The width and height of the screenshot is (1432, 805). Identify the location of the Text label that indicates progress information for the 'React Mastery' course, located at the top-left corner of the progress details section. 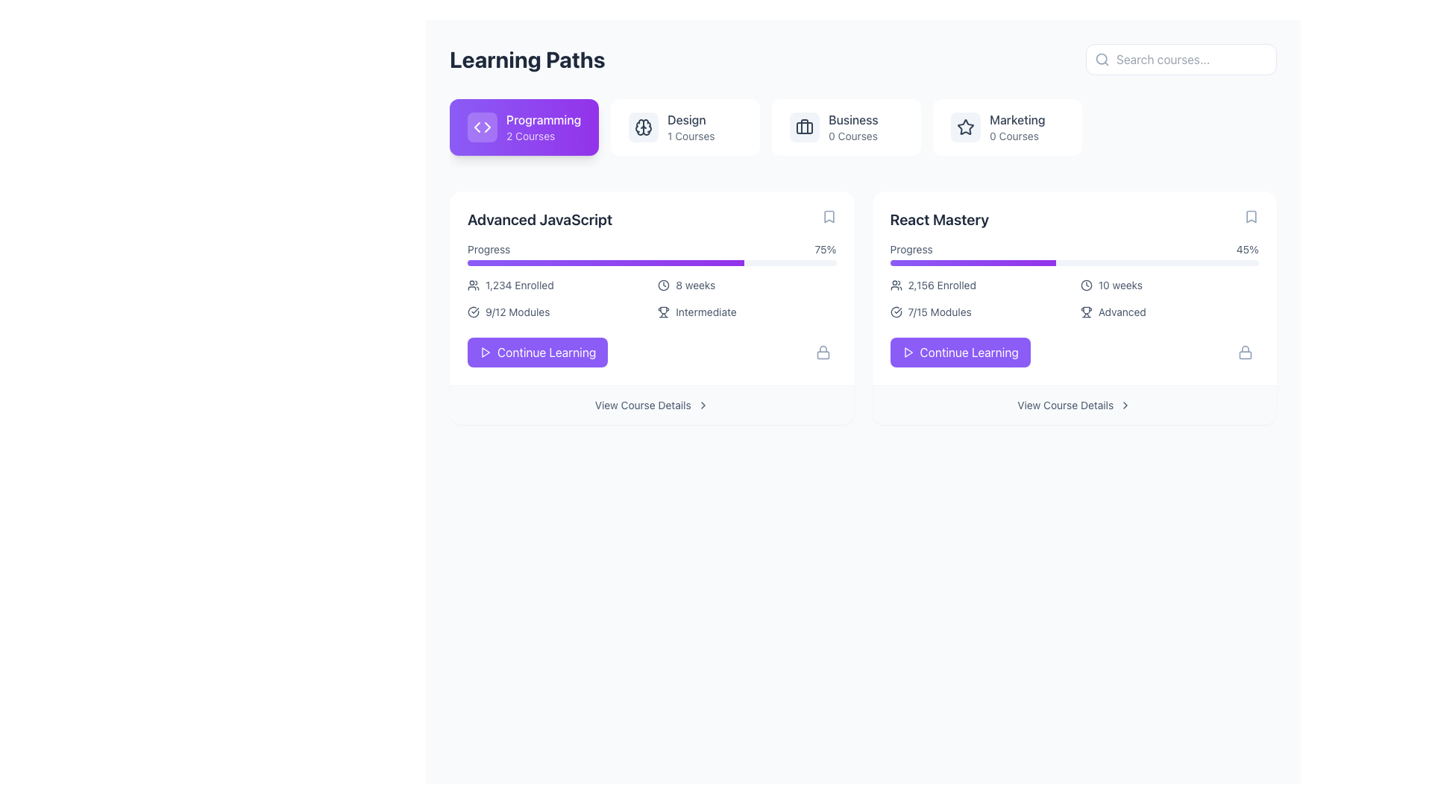
(911, 249).